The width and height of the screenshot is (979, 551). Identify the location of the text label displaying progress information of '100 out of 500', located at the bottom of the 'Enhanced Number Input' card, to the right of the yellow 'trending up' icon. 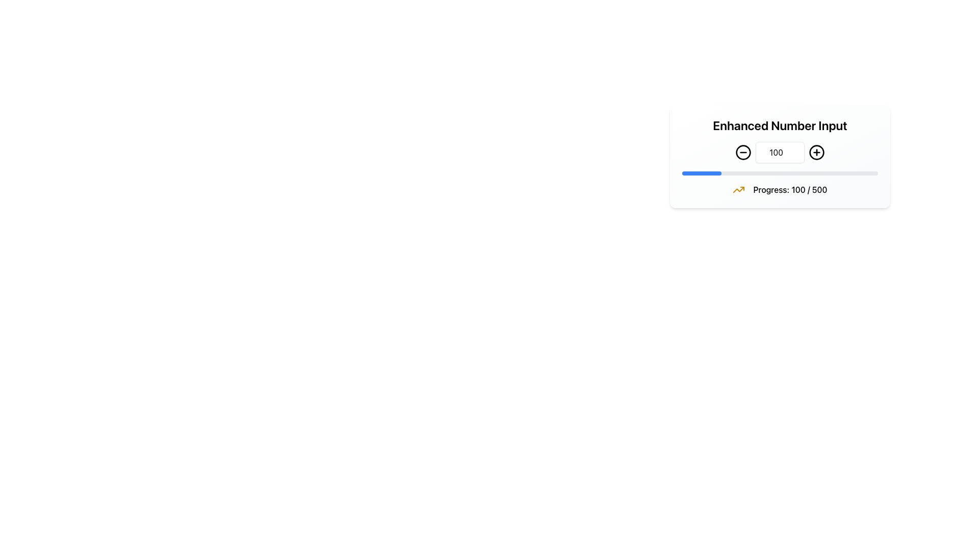
(790, 189).